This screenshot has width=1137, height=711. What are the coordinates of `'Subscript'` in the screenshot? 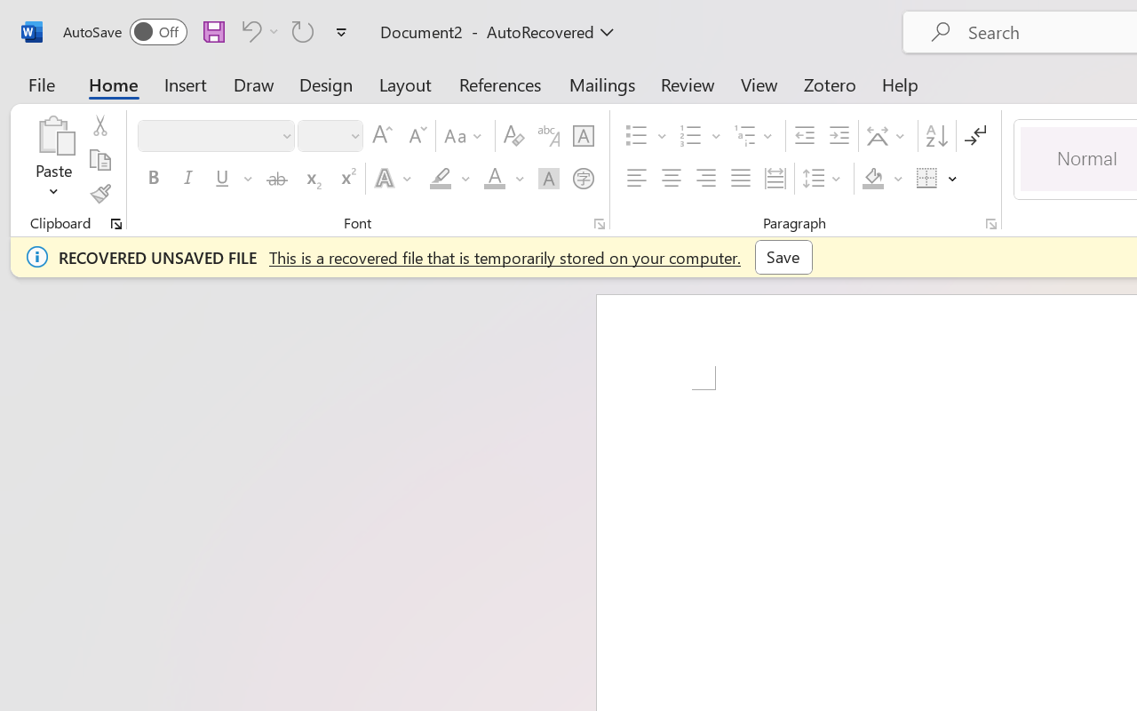 It's located at (311, 179).